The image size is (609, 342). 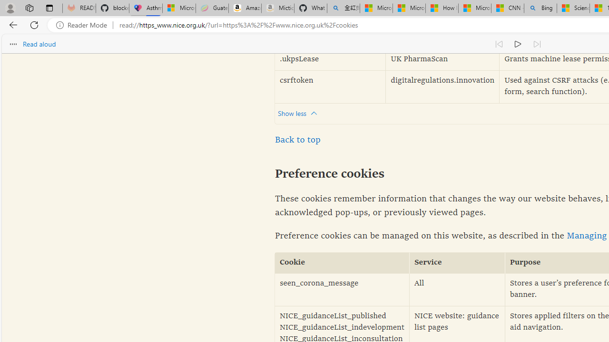 I want to click on 'Reader Mode', so click(x=84, y=25).